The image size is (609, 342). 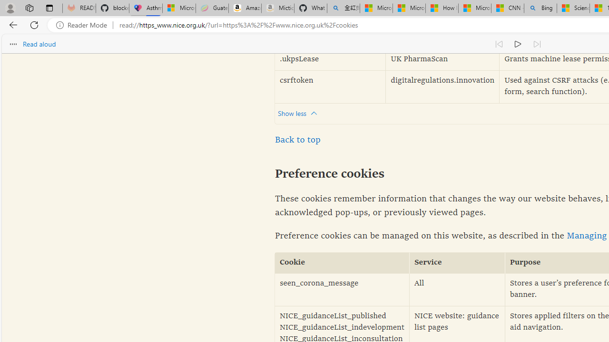 I want to click on 'Reader Mode', so click(x=84, y=25).